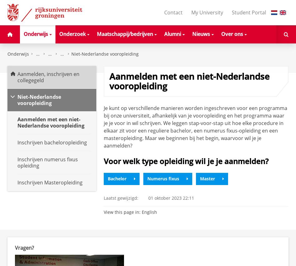  Describe the element at coordinates (195, 126) in the screenshot. I see `'Je kunt op verschillende manieren worden ingeschreven voor een programma bij onze universiteit, afhankelijk van je vooropleiding en het programma waar je je voor in wil schrijven. We leggen stap-voor-stap uit hoe elke procedure in elkaar zit voor een reguliere bachelor, een numerus fixus-opleiding en een masteropleiding. Maar we beginnen bij het begin, waarvoor wil je je aanmelden?'` at that location.